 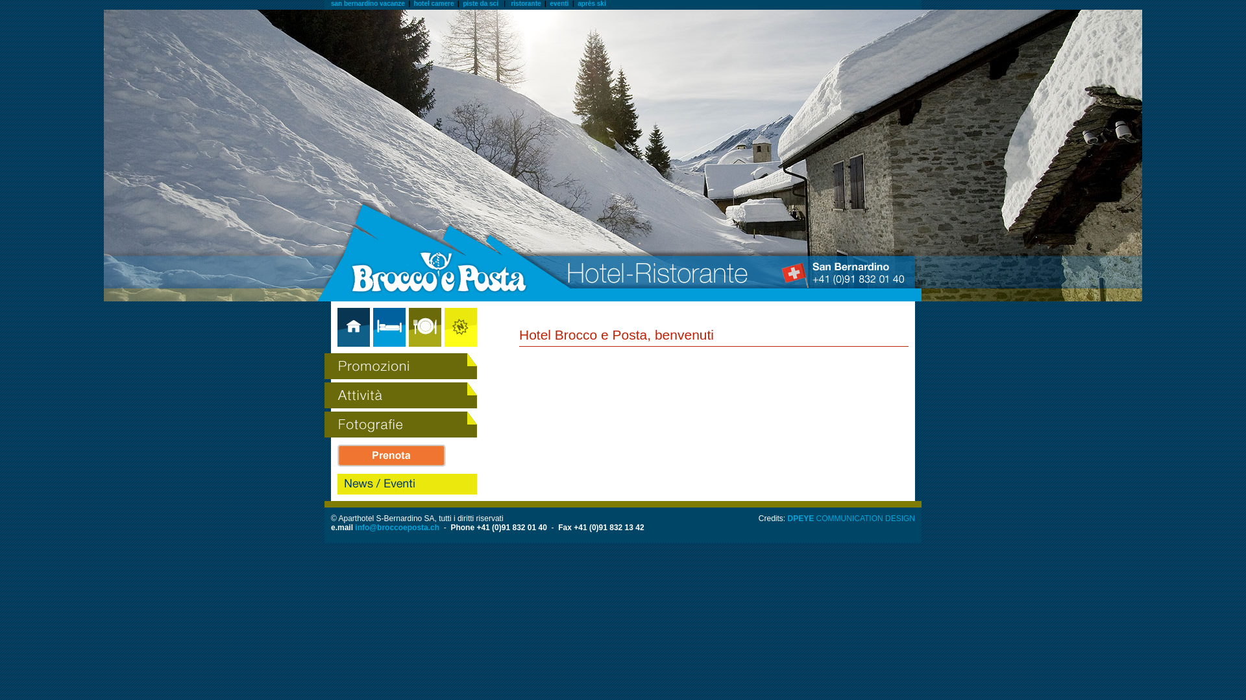 What do you see at coordinates (526, 3) in the screenshot?
I see `'ristorante'` at bounding box center [526, 3].